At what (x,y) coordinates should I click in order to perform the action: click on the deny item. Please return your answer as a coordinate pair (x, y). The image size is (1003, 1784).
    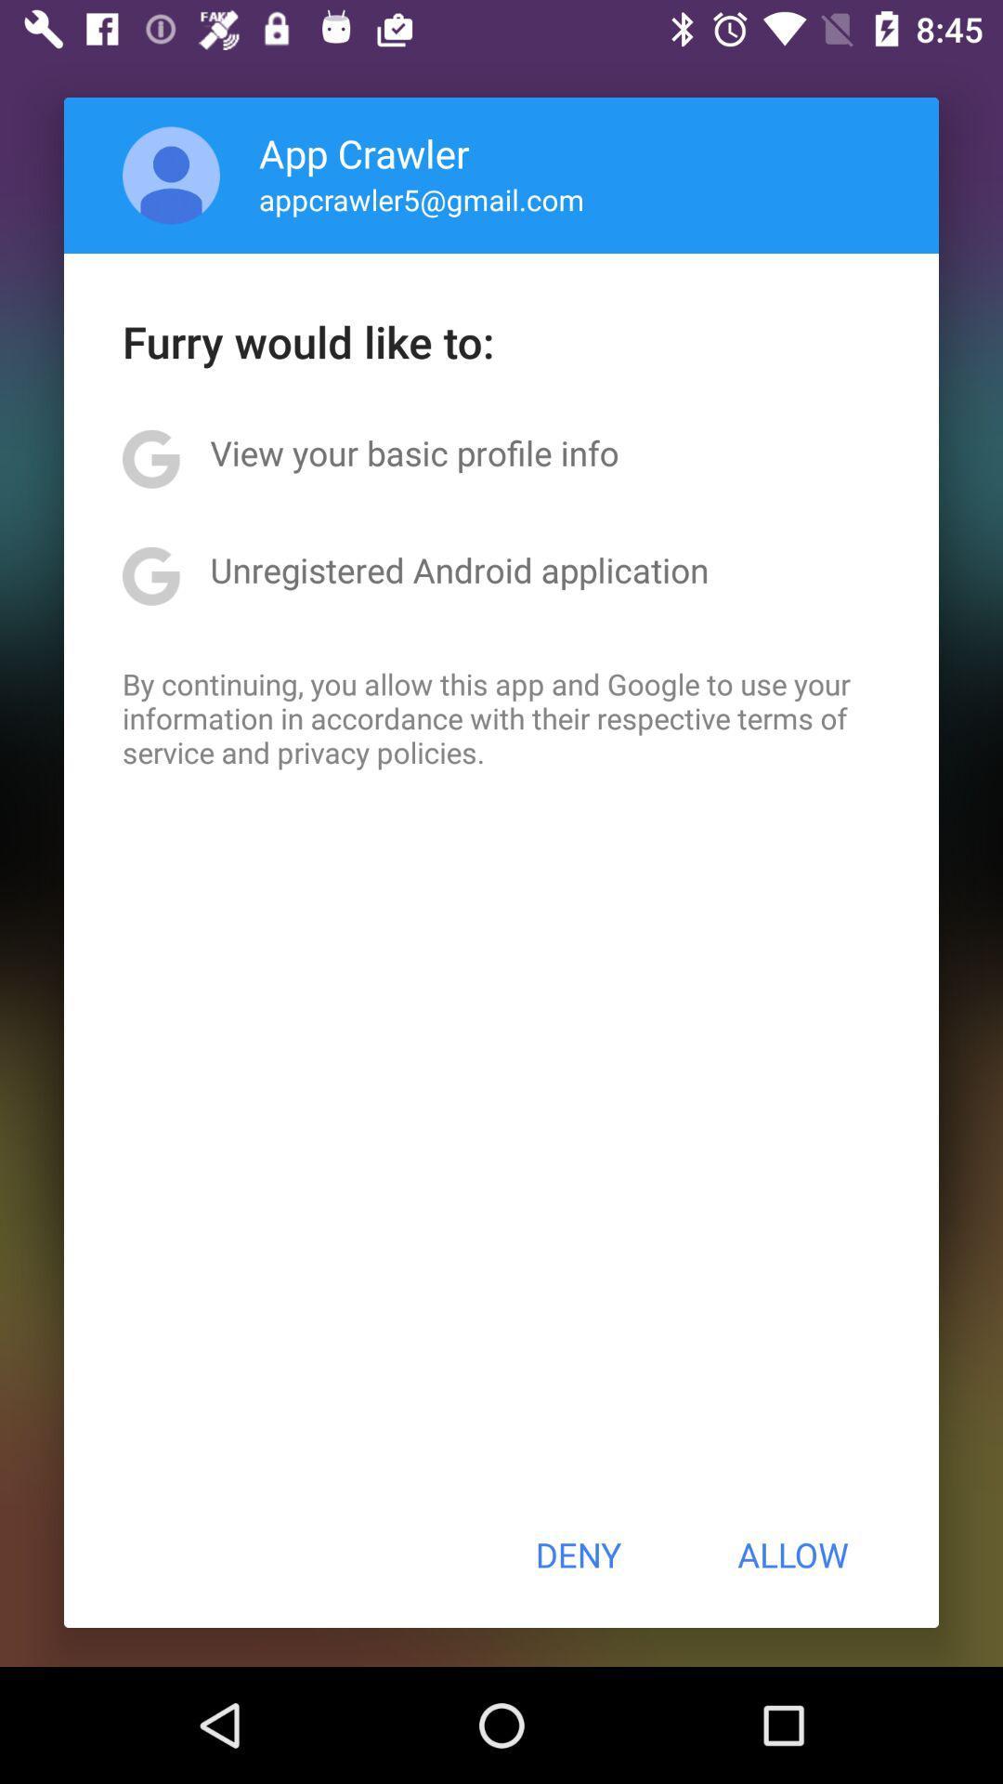
    Looking at the image, I should click on (577, 1554).